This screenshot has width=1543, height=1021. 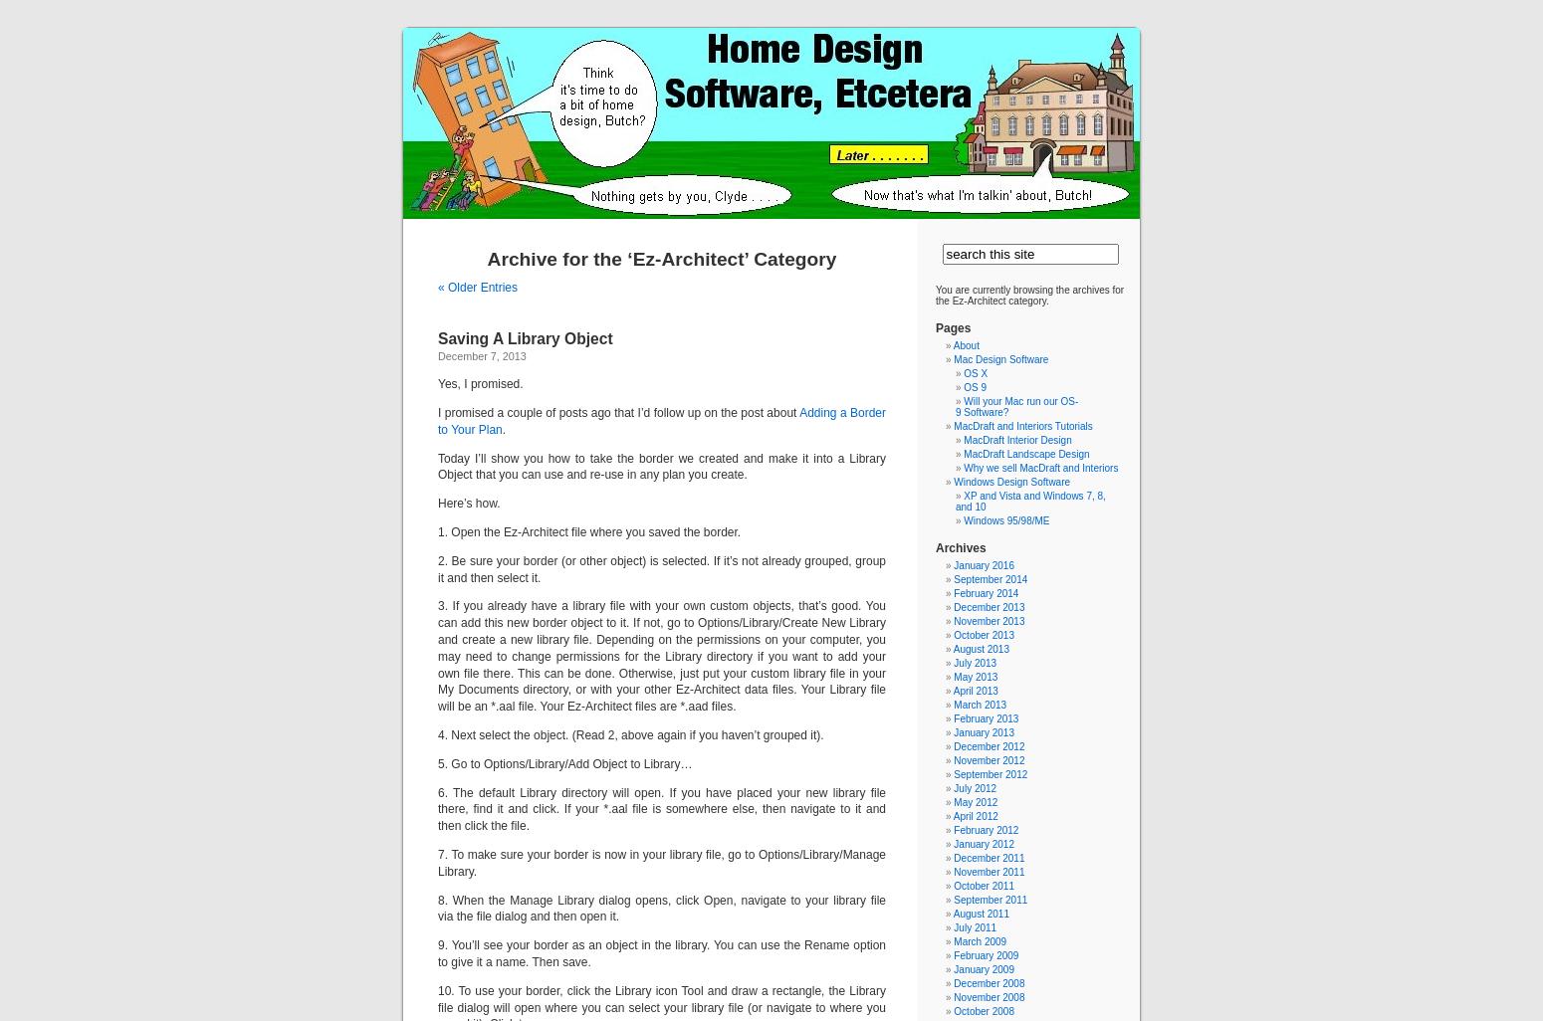 I want to click on 'March 2013', so click(x=953, y=704).